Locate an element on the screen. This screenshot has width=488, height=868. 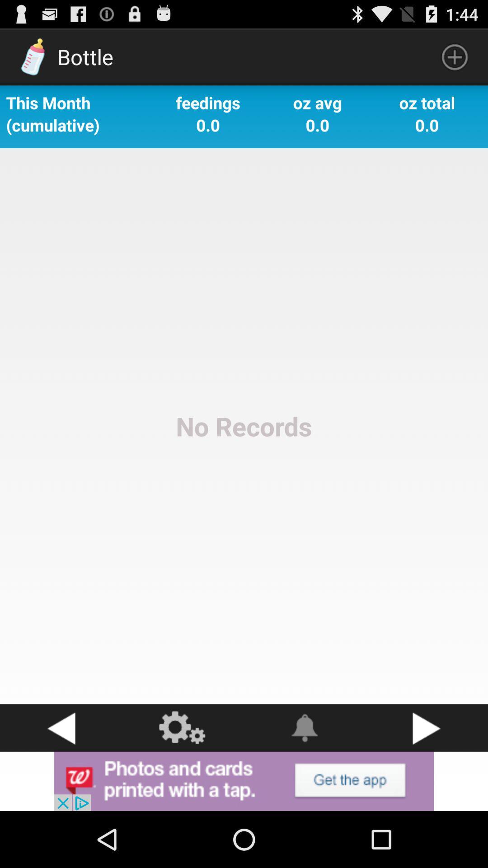
forward is located at coordinates (427, 728).